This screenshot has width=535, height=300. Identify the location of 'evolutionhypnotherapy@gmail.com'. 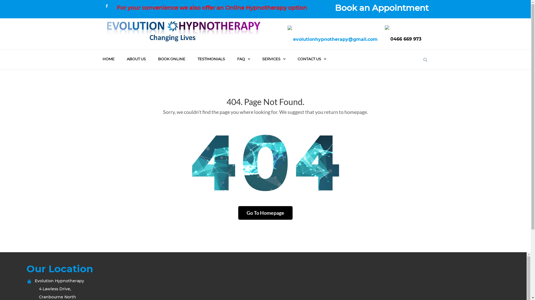
(335, 39).